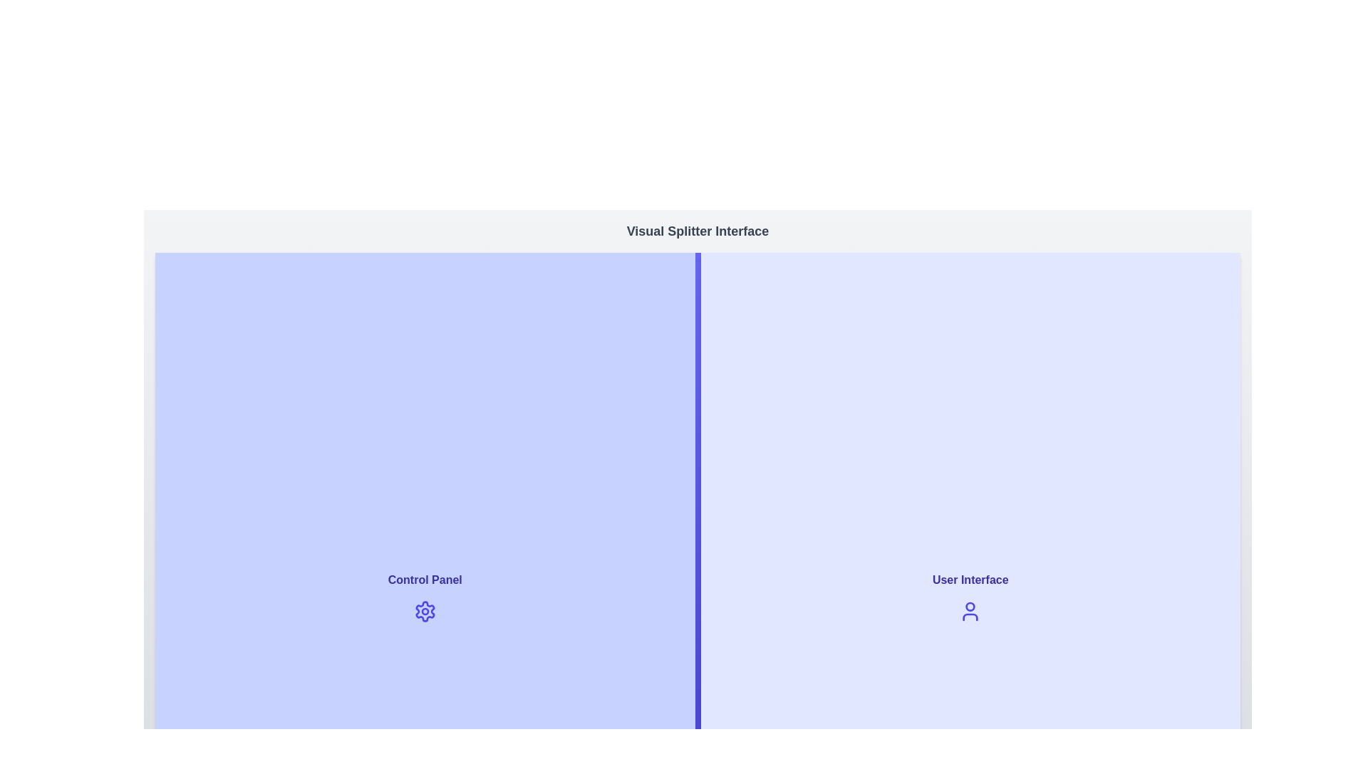  Describe the element at coordinates (698, 230) in the screenshot. I see `the bold text label reading 'Visual Splitter Interface', which is centered at the top of the interface` at that location.